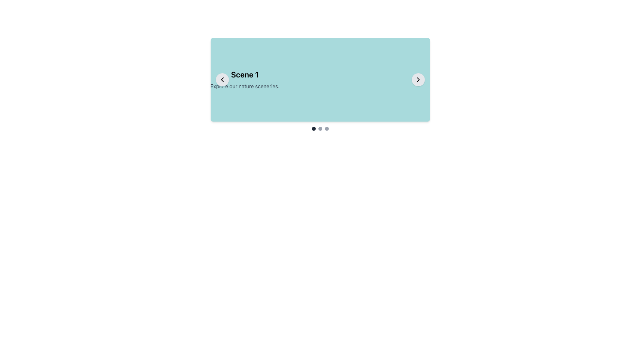 Image resolution: width=627 pixels, height=353 pixels. Describe the element at coordinates (418, 79) in the screenshot. I see `the rightward chevron SVG icon within the rounded button located at the far right of the blue card component` at that location.